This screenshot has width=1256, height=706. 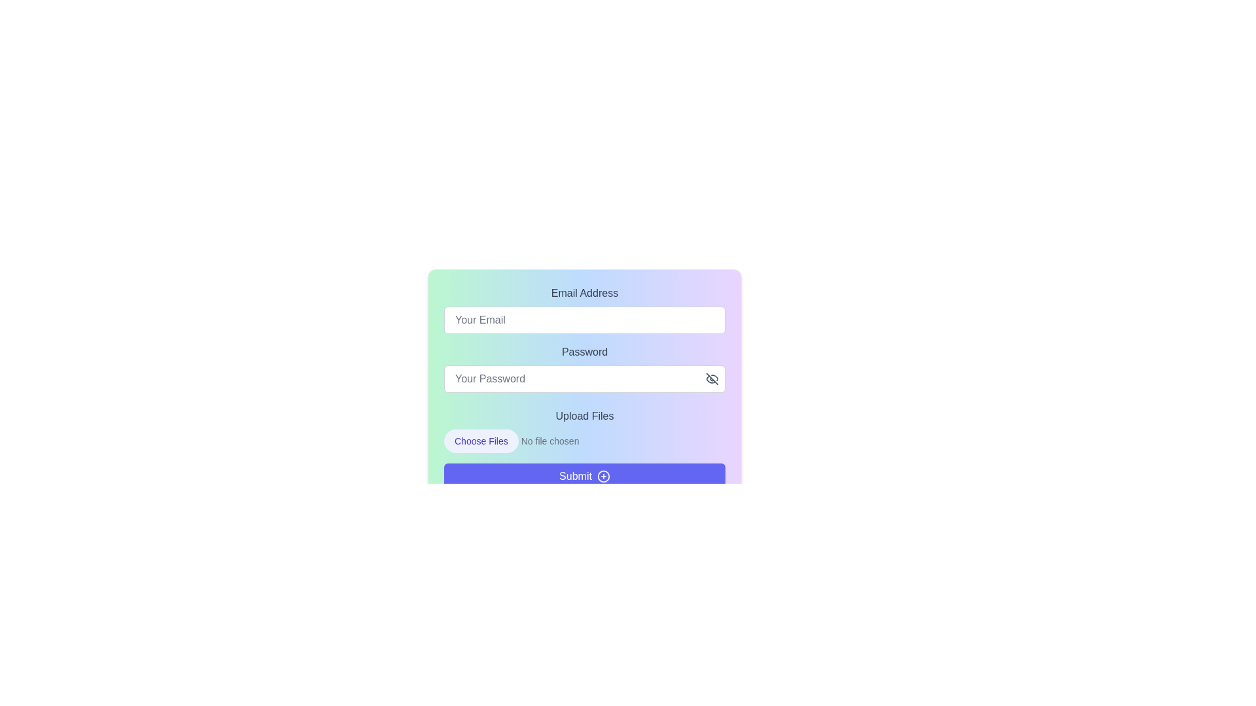 What do you see at coordinates (584, 387) in the screenshot?
I see `the Password input field to focus on it for secure password entry` at bounding box center [584, 387].